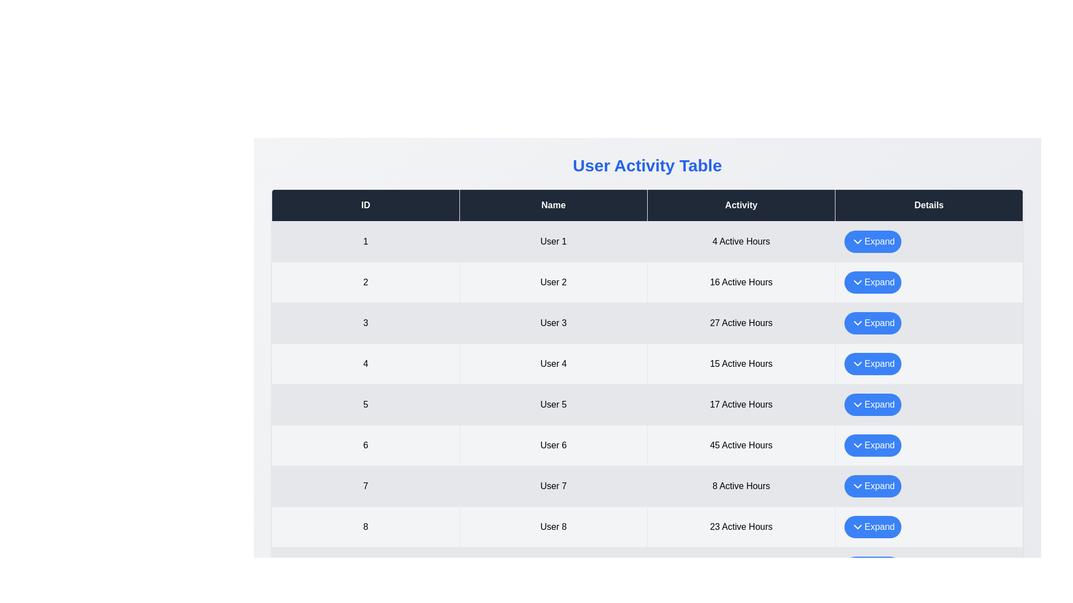 This screenshot has height=603, width=1073. Describe the element at coordinates (365, 205) in the screenshot. I see `the 'ID' header to sort the table by ID` at that location.